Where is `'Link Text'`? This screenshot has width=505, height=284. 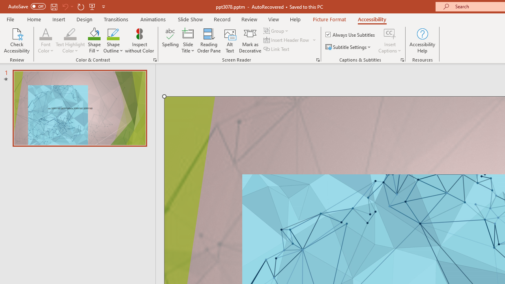
'Link Text' is located at coordinates (277, 49).